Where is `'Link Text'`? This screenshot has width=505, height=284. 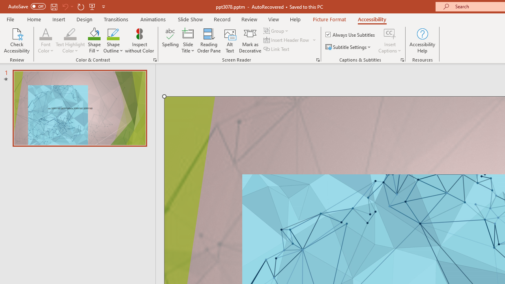
'Link Text' is located at coordinates (277, 49).